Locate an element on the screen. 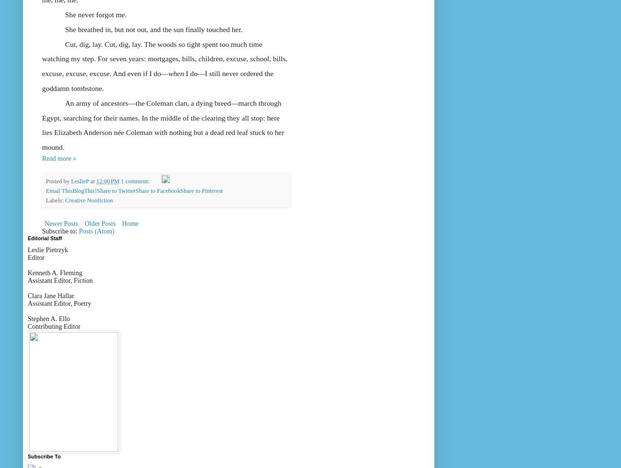  'Contributing Editor' is located at coordinates (54, 326).